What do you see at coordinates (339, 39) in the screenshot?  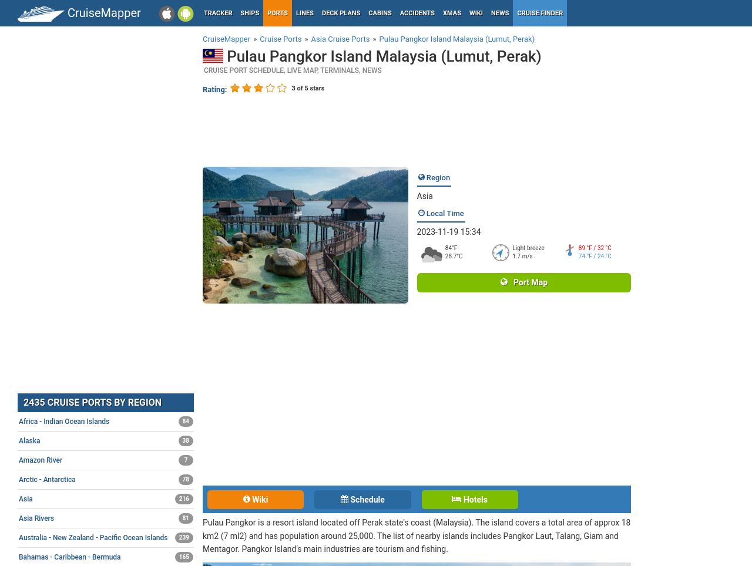 I see `'Asia Cruise Ports'` at bounding box center [339, 39].